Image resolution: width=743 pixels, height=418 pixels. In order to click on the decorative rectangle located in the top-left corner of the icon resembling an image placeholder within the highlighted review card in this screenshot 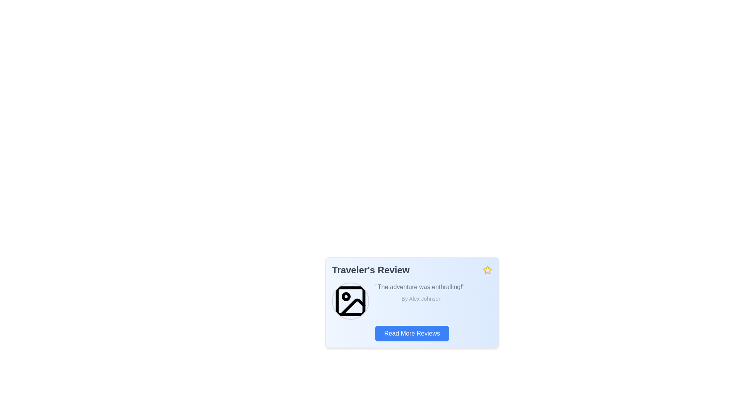, I will do `click(350, 301)`.